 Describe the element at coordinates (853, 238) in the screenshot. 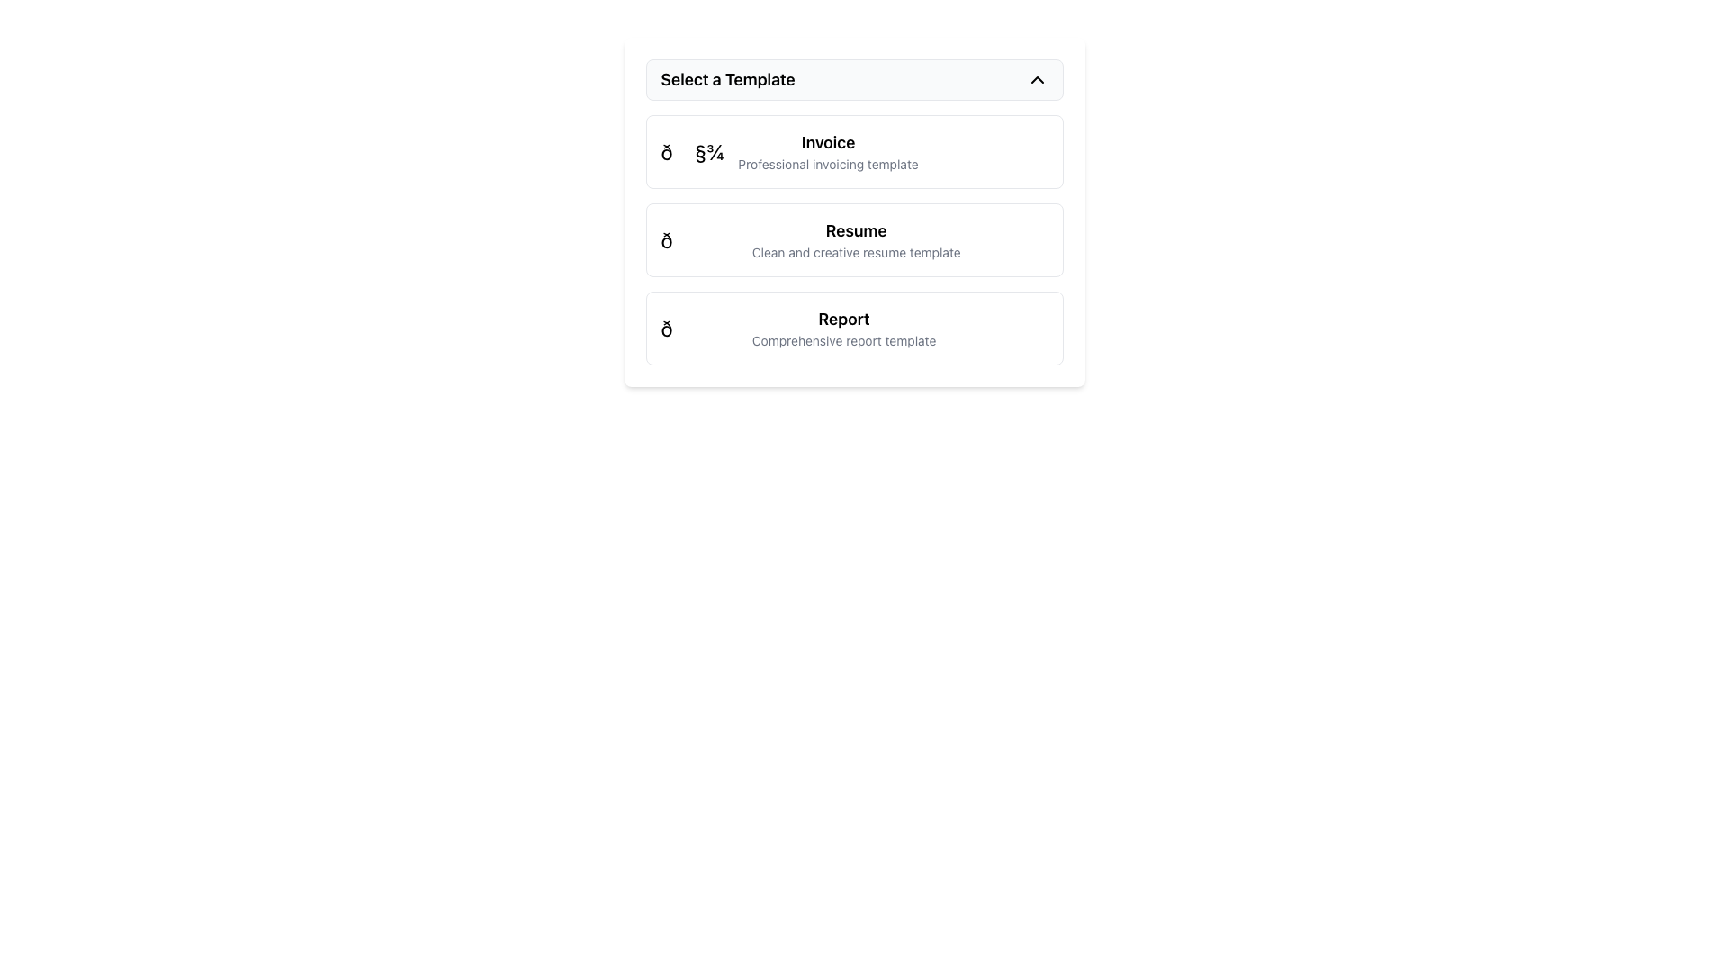

I see `the selectable 'Resume' template option located in the second position of the grid layout under the 'Select a Template' header` at that location.